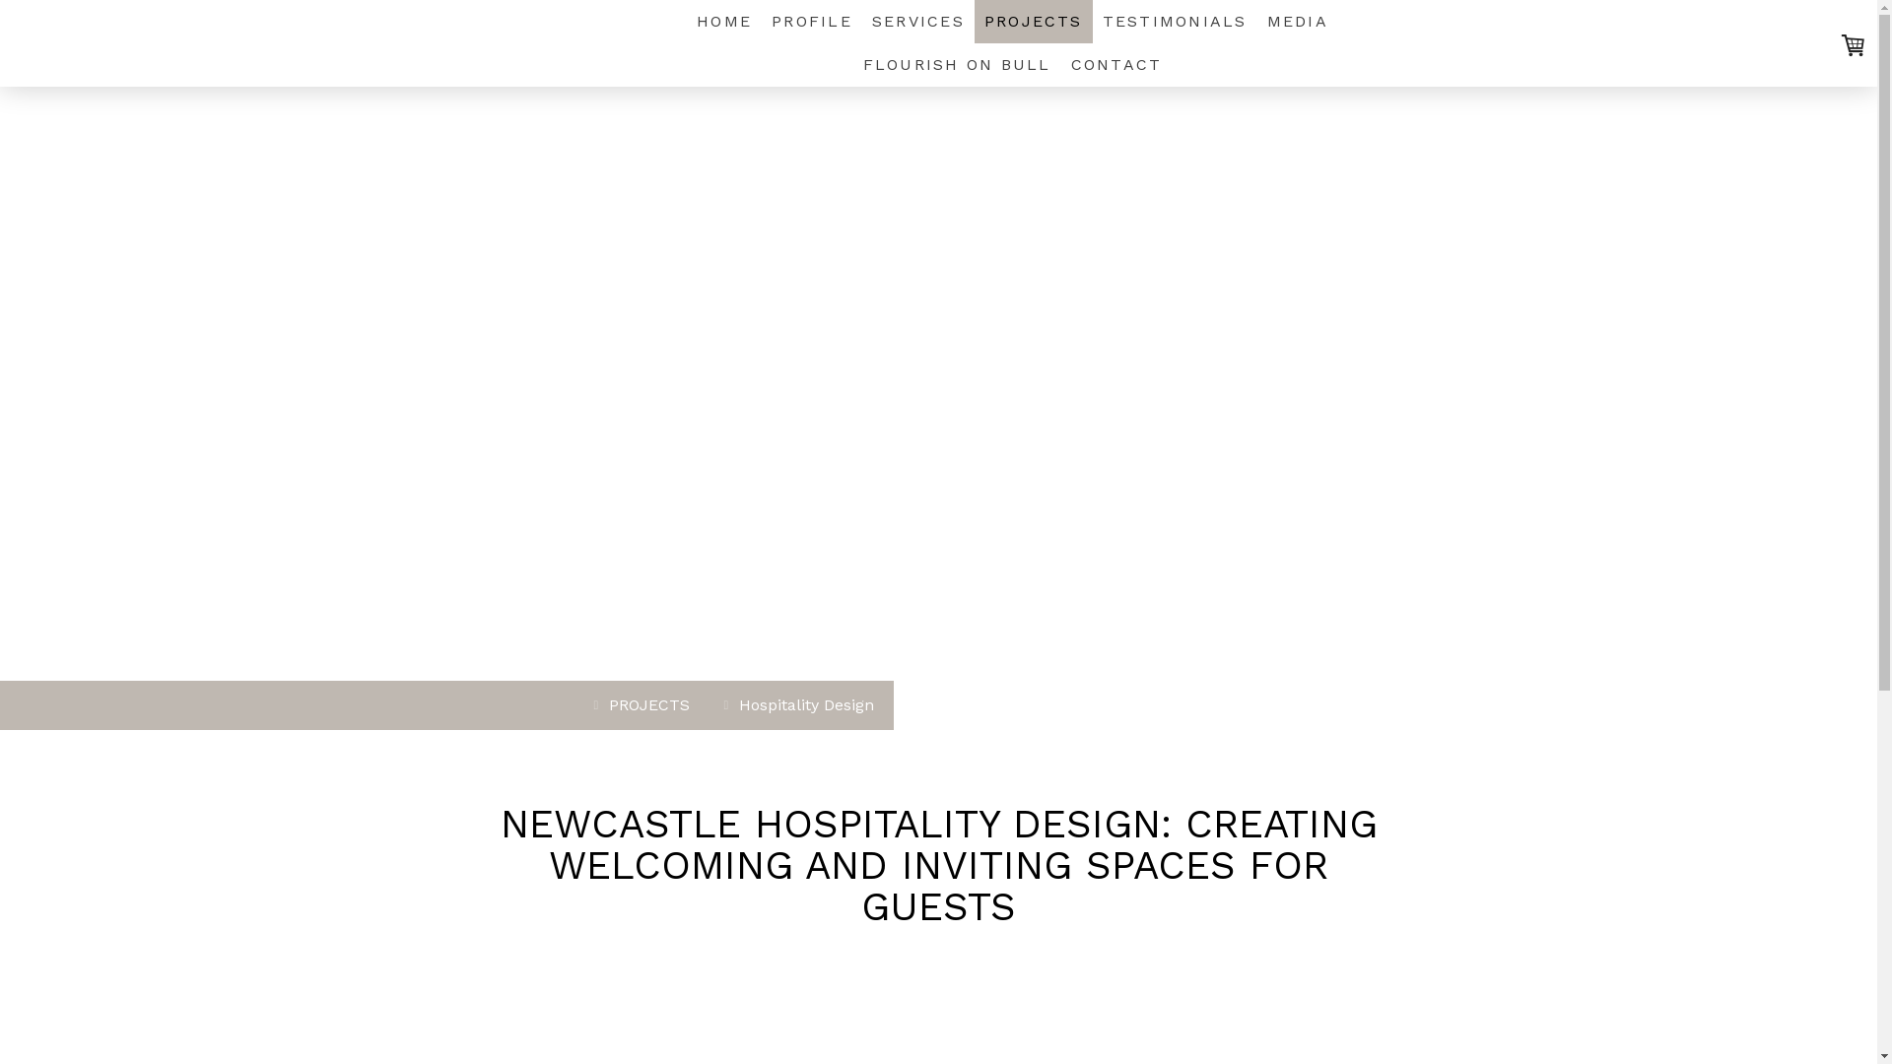  Describe the element at coordinates (722, 22) in the screenshot. I see `'HOME'` at that location.